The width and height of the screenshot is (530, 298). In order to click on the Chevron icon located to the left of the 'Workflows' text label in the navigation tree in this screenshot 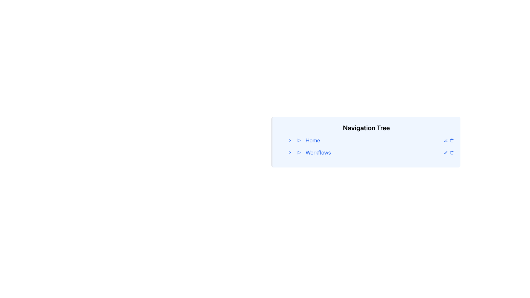, I will do `click(290, 152)`.